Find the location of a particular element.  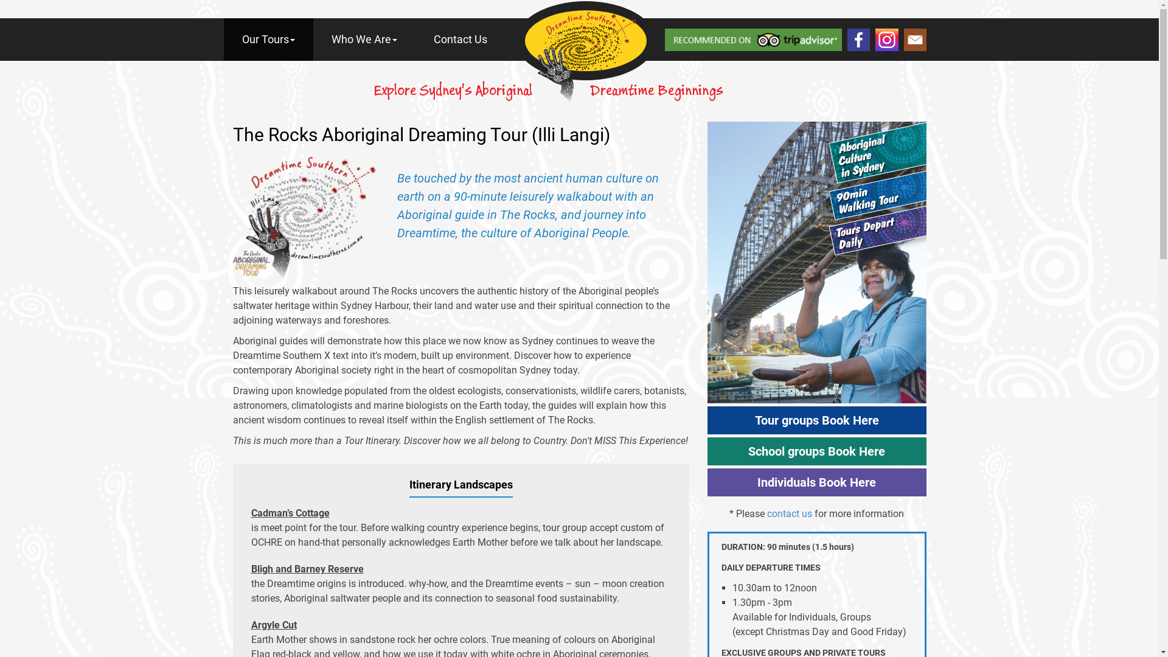

'contact us' is located at coordinates (789, 513).